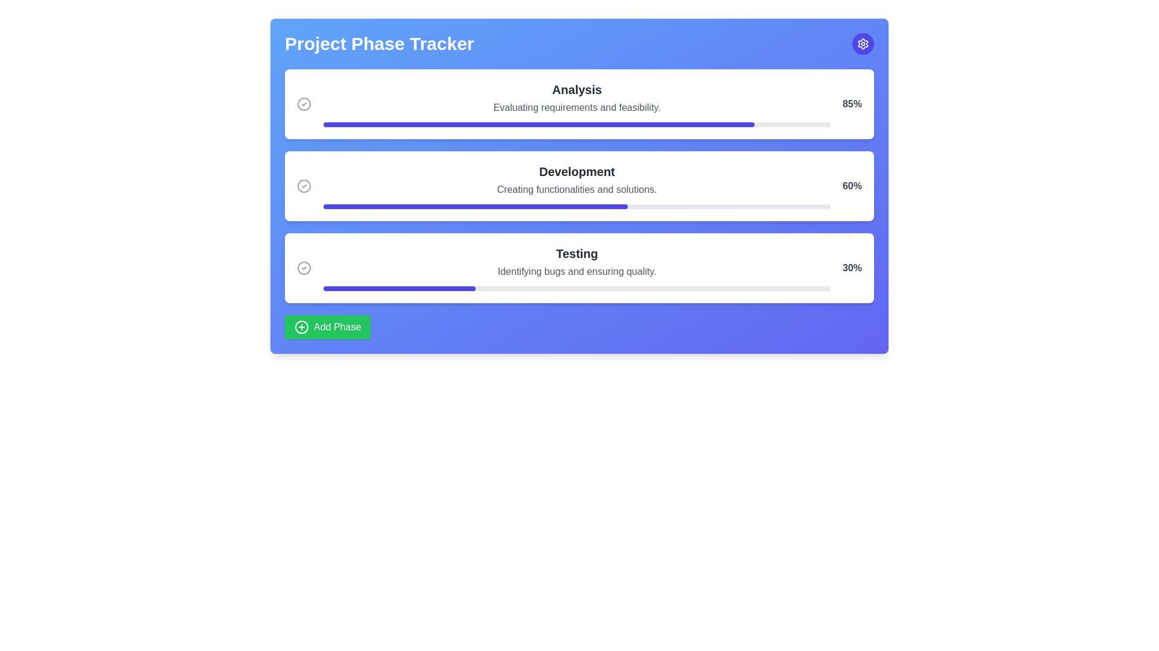 This screenshot has height=651, width=1159. Describe the element at coordinates (863, 43) in the screenshot. I see `the clickable gear/settings icon located in the top-right corner of the user interface` at that location.